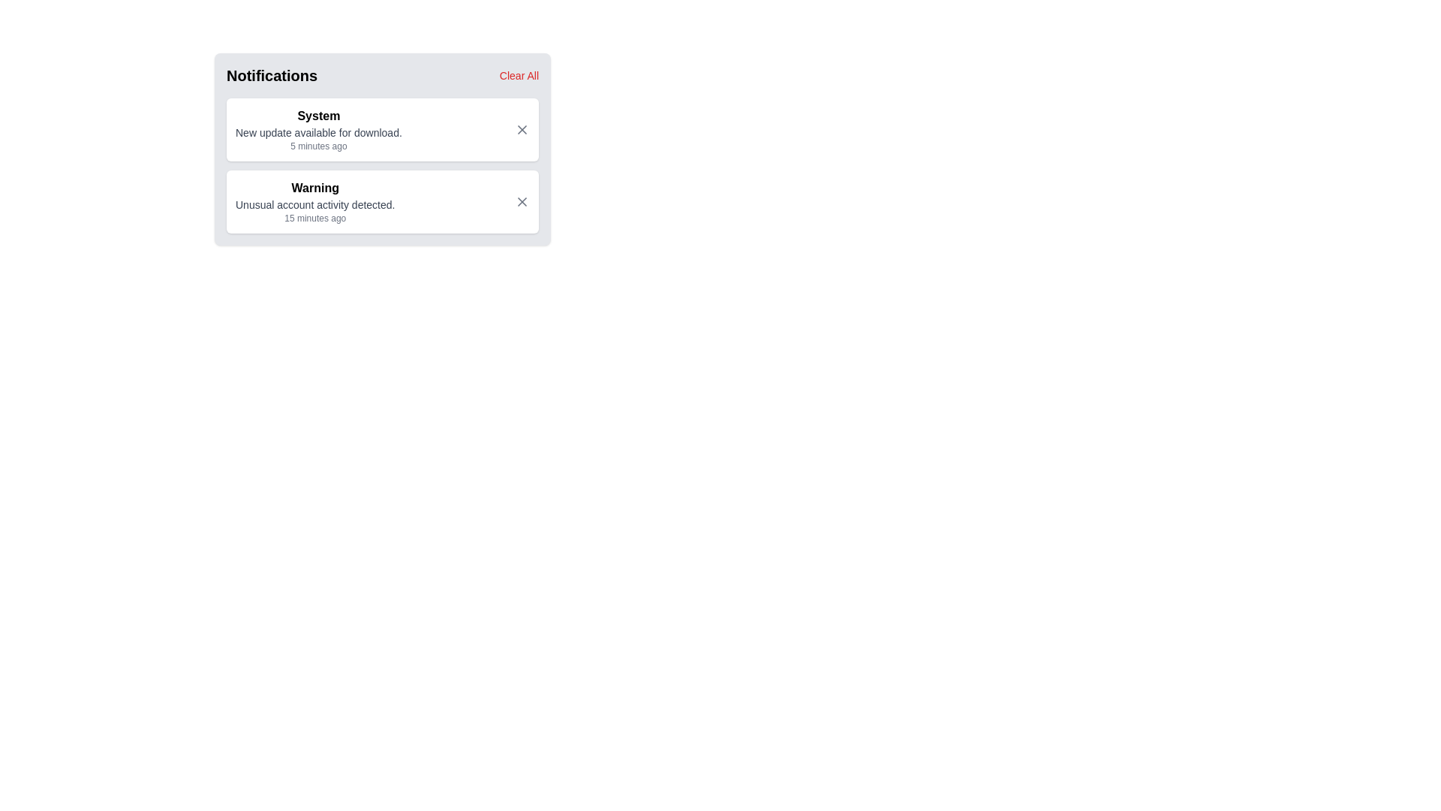 Image resolution: width=1441 pixels, height=811 pixels. Describe the element at coordinates (522, 201) in the screenshot. I see `the Icon Button located in the top-right corner of the second notification card, which is associated with a 'Warning' about unusual account activity` at that location.